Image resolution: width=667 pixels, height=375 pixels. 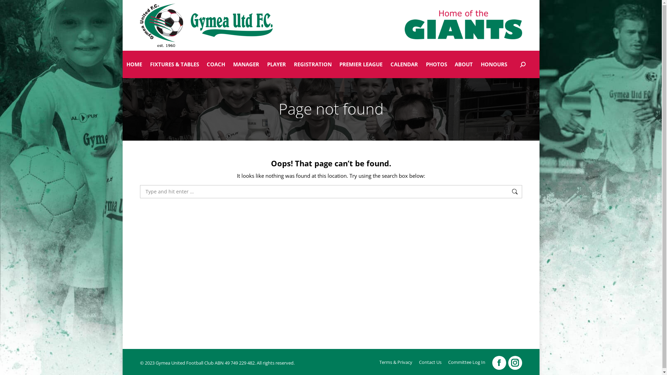 I want to click on 'Terms & Privacy', so click(x=396, y=362).